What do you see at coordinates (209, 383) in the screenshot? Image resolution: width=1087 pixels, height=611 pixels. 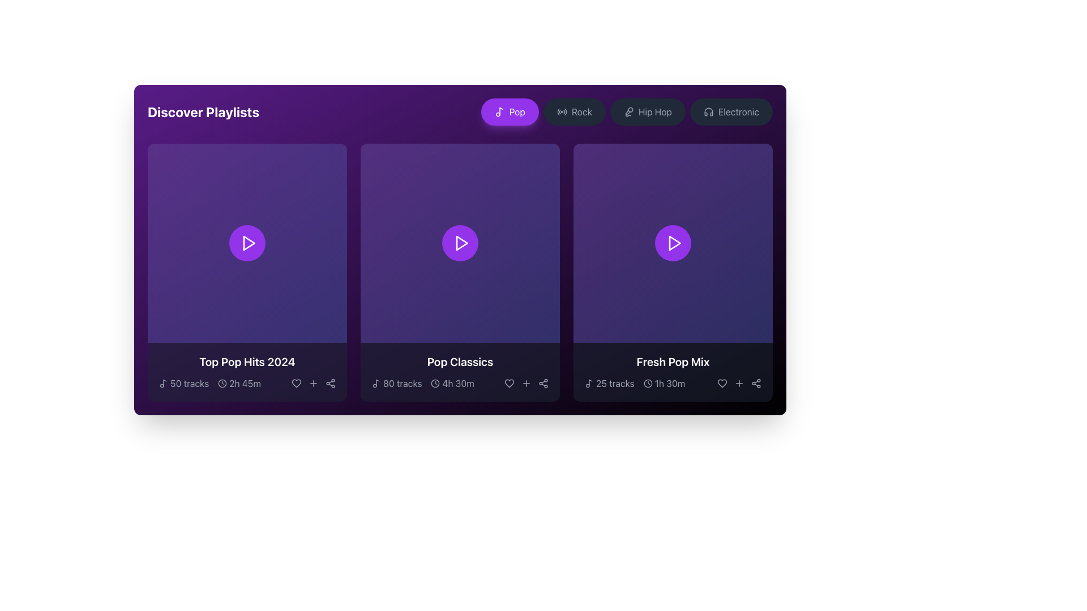 I see `informational text located below the title 'Top Pop Hits 2024' in the first card of the horizontally aligned playlist section, which summarizes the playlist's content and duration` at bounding box center [209, 383].